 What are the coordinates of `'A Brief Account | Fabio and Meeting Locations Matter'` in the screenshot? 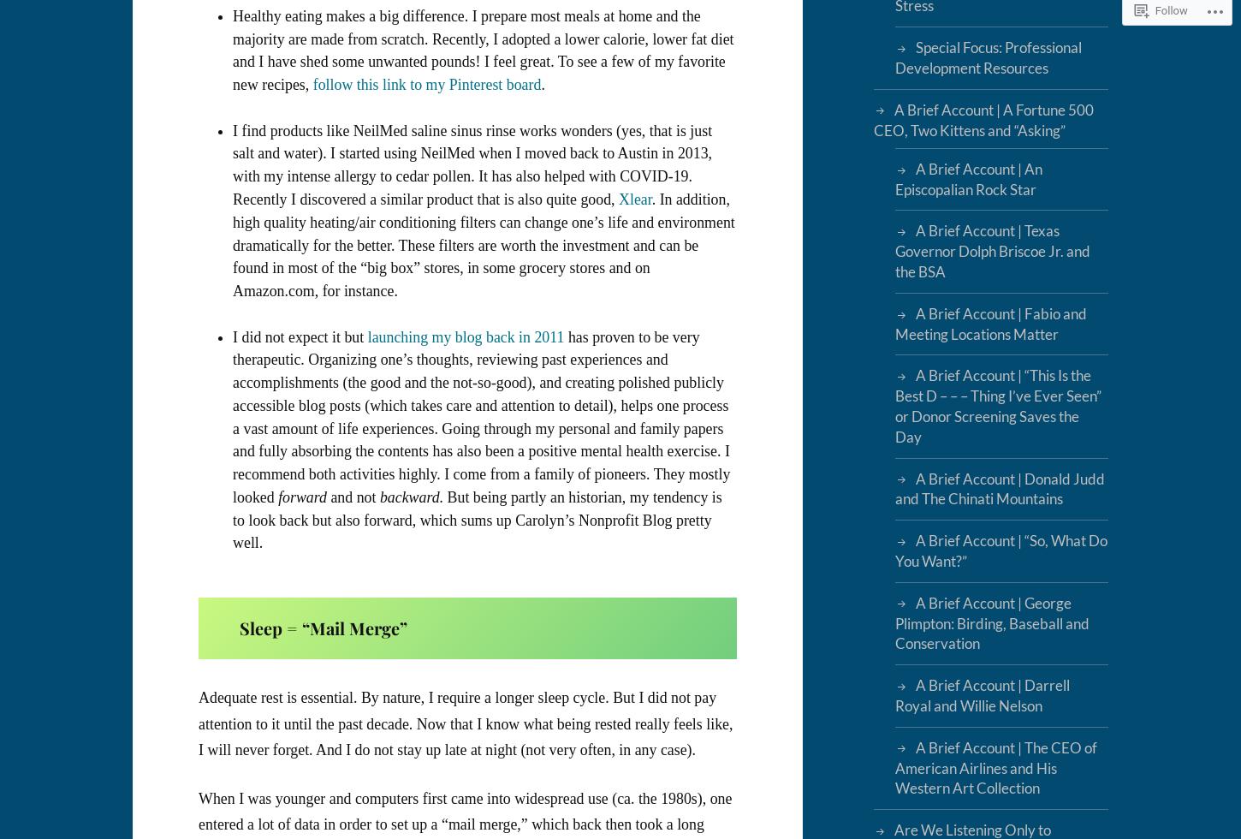 It's located at (989, 323).